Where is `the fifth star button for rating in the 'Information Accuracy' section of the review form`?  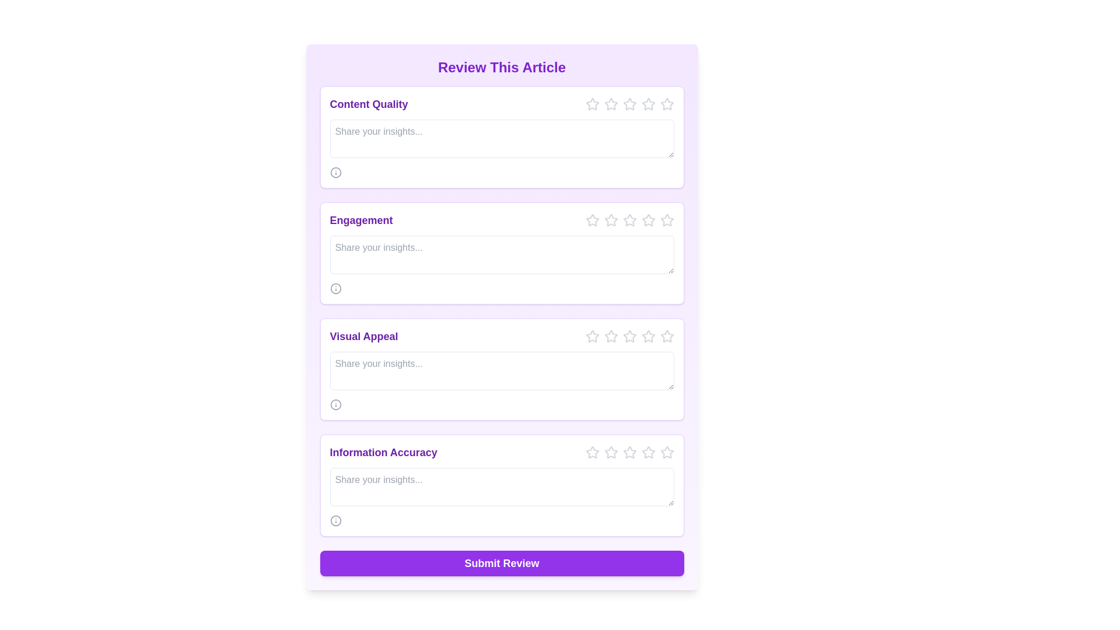
the fifth star button for rating in the 'Information Accuracy' section of the review form is located at coordinates (667, 452).